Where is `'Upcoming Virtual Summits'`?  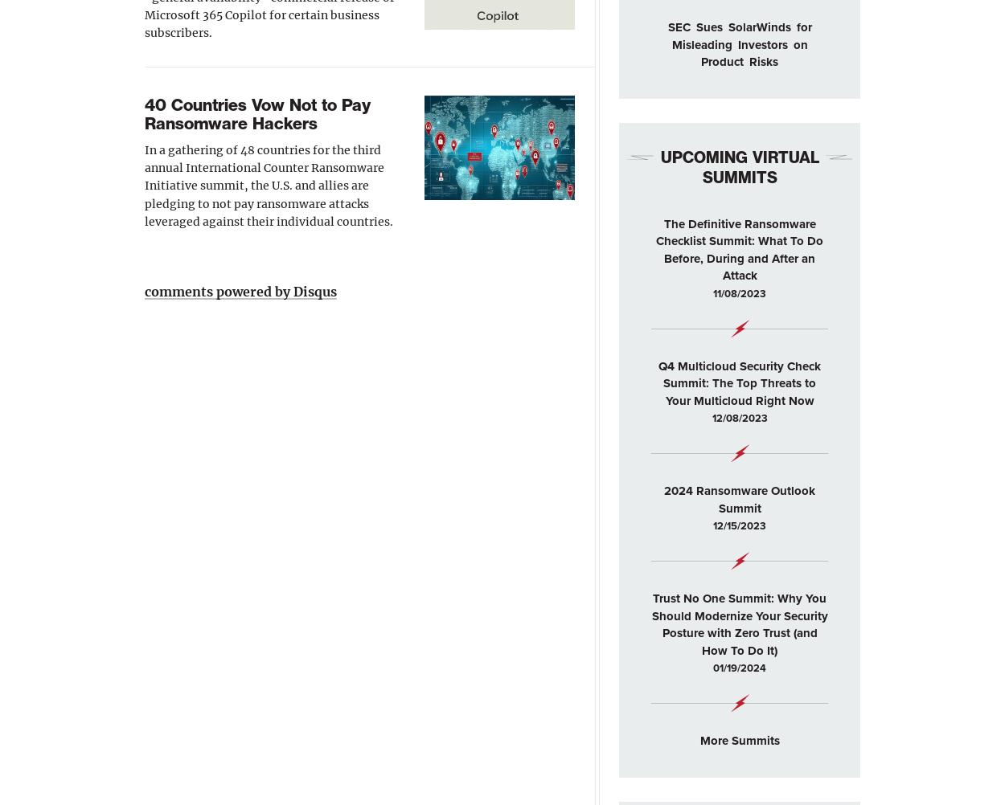 'Upcoming Virtual Summits' is located at coordinates (739, 166).